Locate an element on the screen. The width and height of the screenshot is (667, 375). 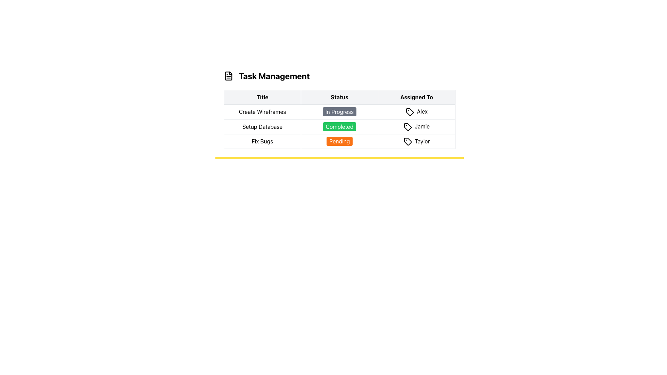
the 'In Progress' label, which is a rectangular element with white text on a gray background, located in the 'Status' column of the 'Create Wireframes' task row is located at coordinates (339, 110).